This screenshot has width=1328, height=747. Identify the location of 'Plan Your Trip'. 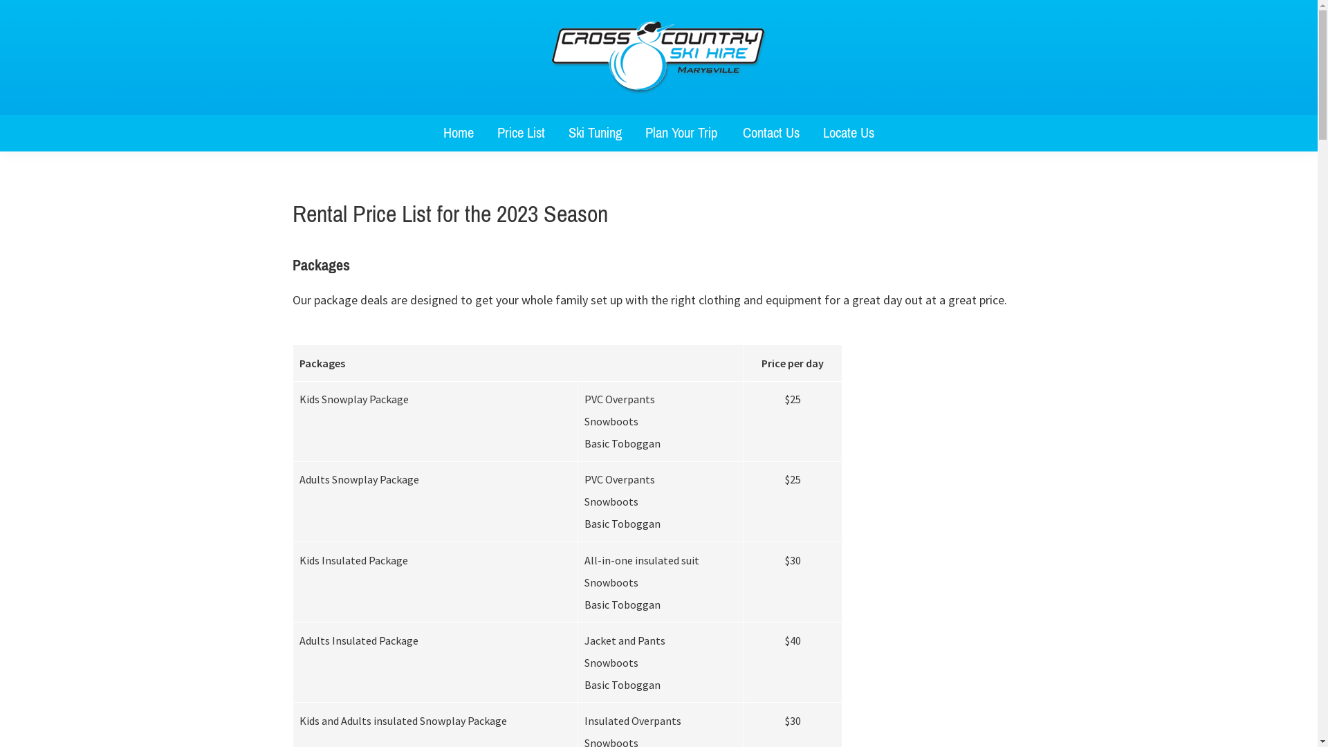
(682, 133).